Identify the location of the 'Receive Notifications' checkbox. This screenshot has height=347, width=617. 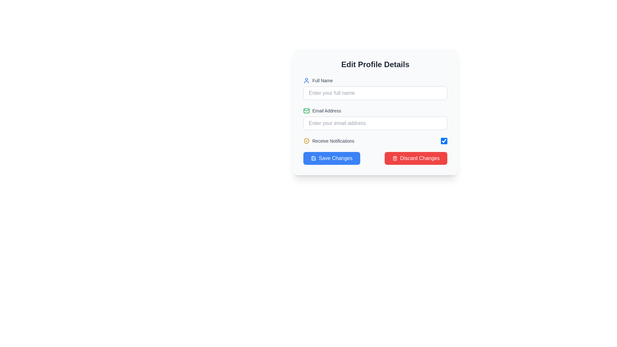
(444, 141).